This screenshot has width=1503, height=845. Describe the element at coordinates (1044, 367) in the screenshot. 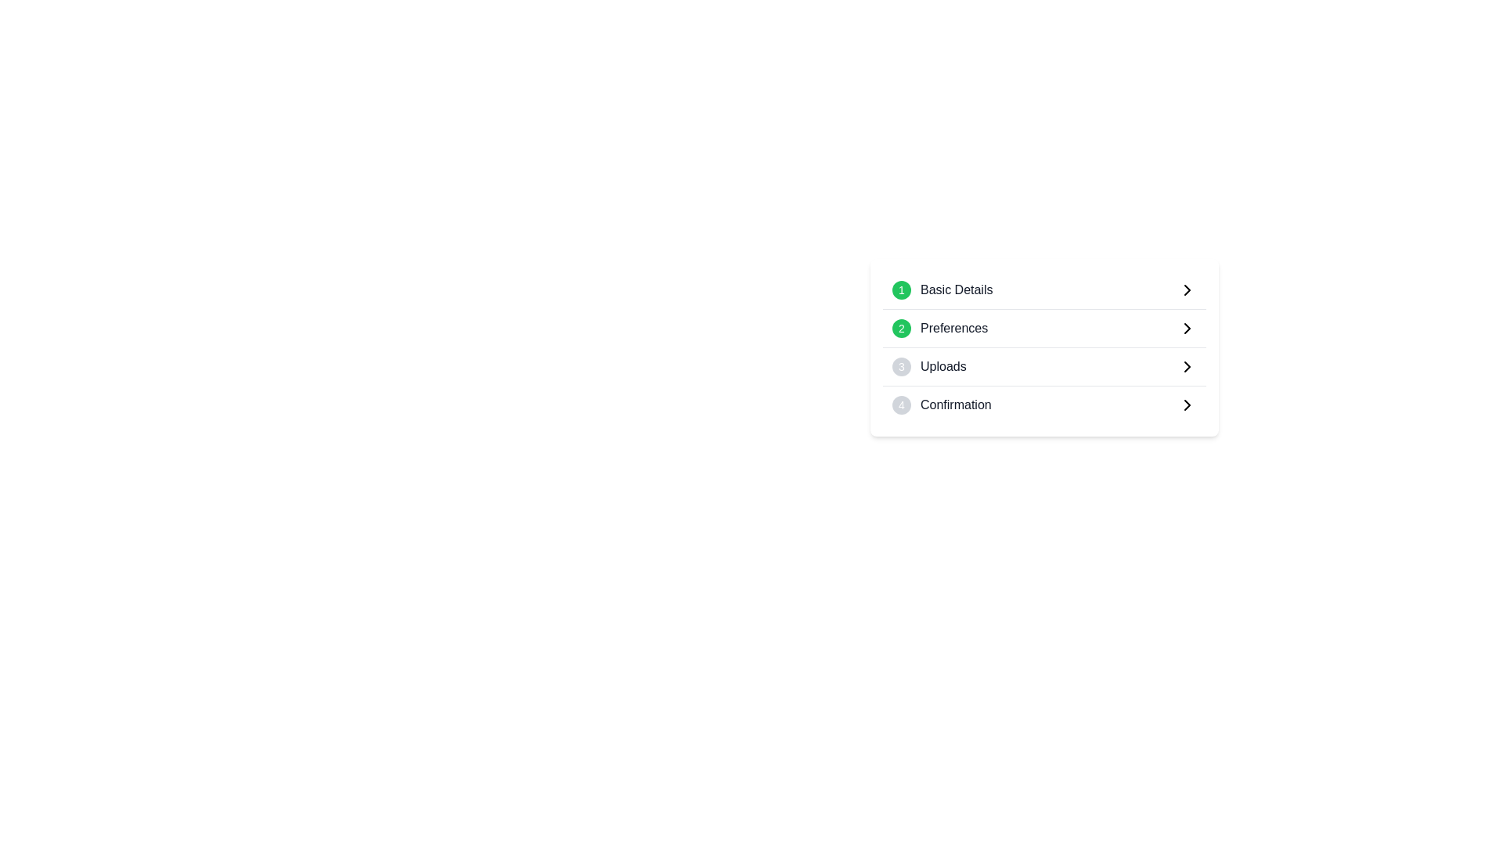

I see `the third menu option, which serves as a navigational link` at that location.